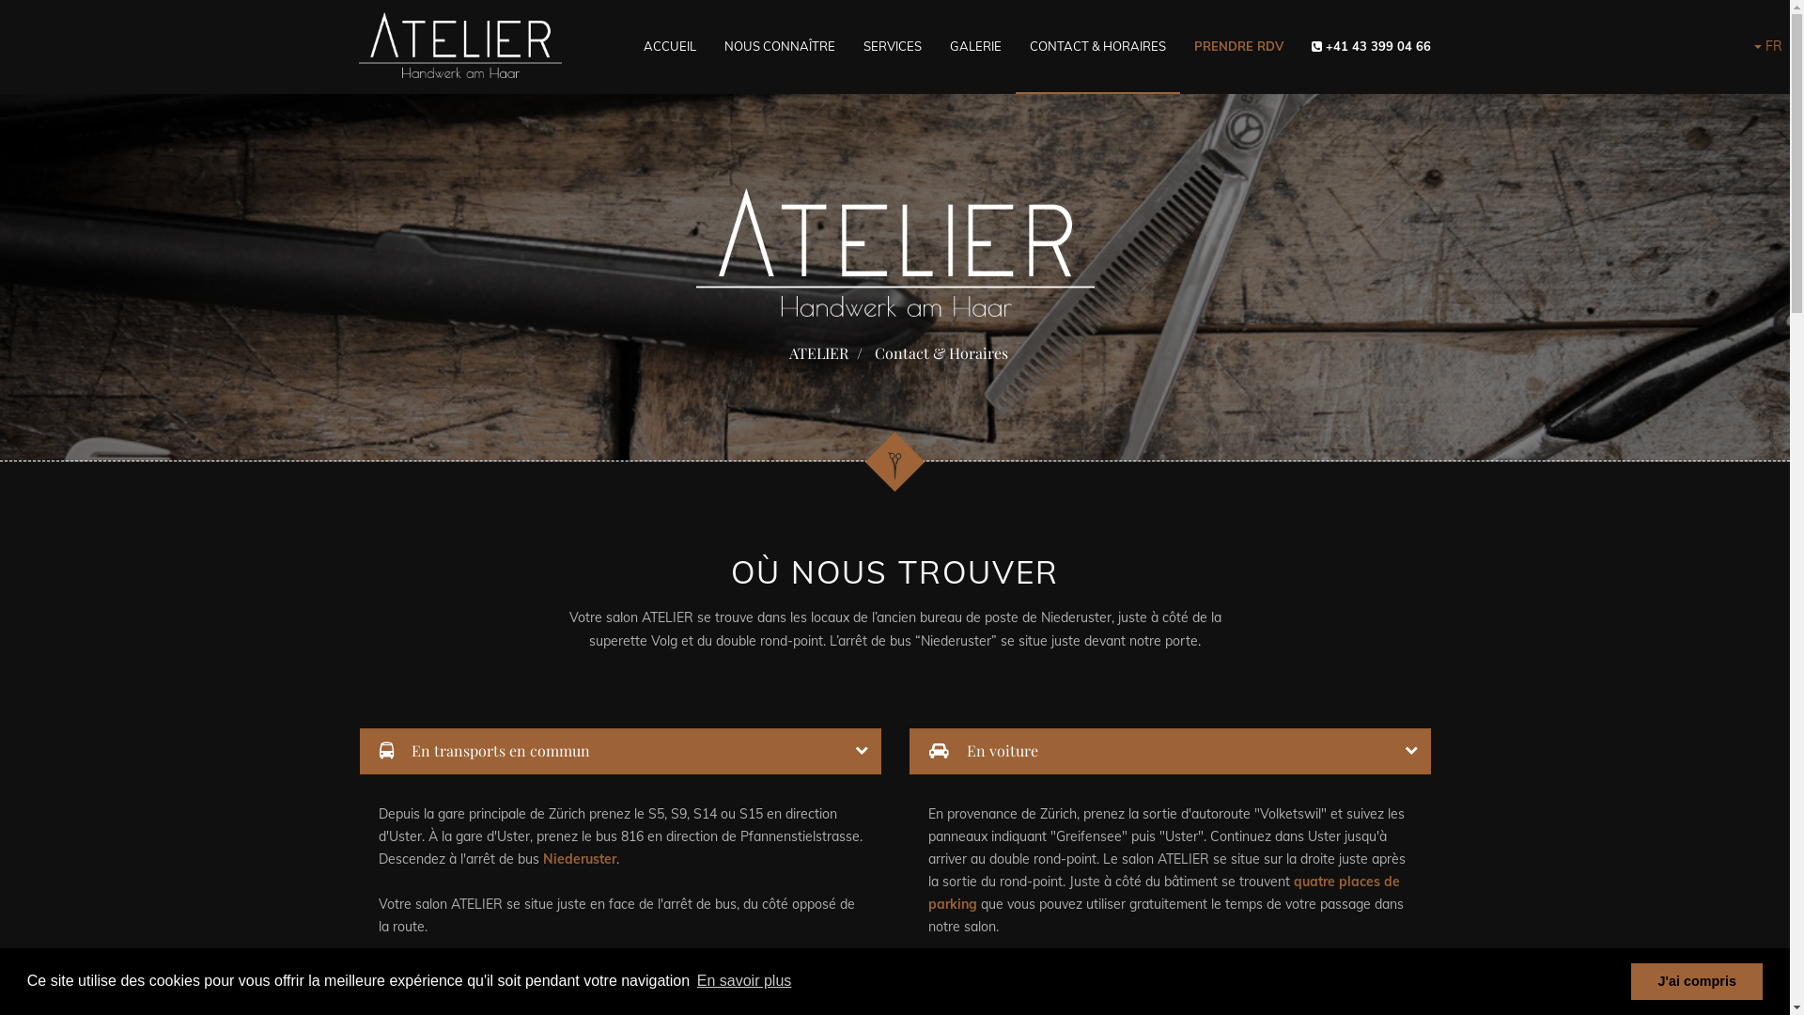 The image size is (1804, 1015). What do you see at coordinates (1096, 46) in the screenshot?
I see `'CONTACT & HORAIRES'` at bounding box center [1096, 46].